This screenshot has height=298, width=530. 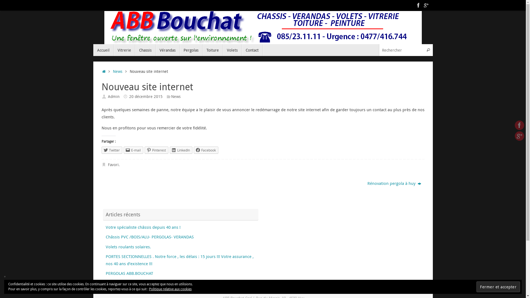 I want to click on 'Favori', so click(x=108, y=164).